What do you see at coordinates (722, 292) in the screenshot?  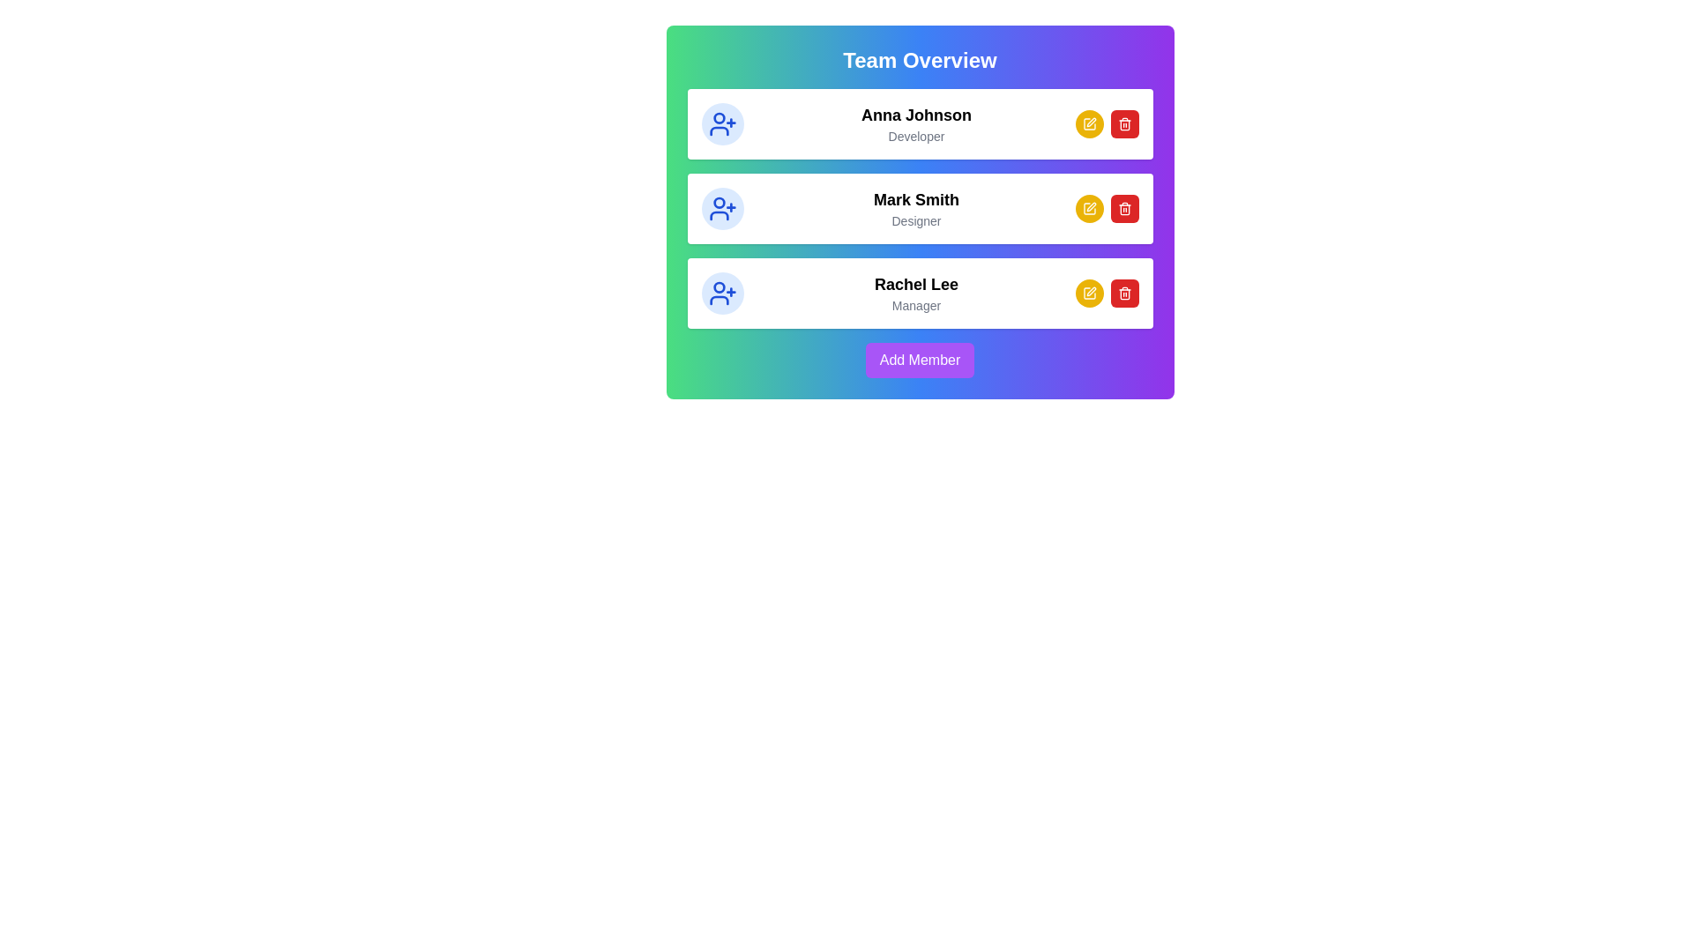 I see `the blue user icon with a plus sign located to the left side of the list item for 'Rachel Lee - Manager' in the card layout` at bounding box center [722, 292].